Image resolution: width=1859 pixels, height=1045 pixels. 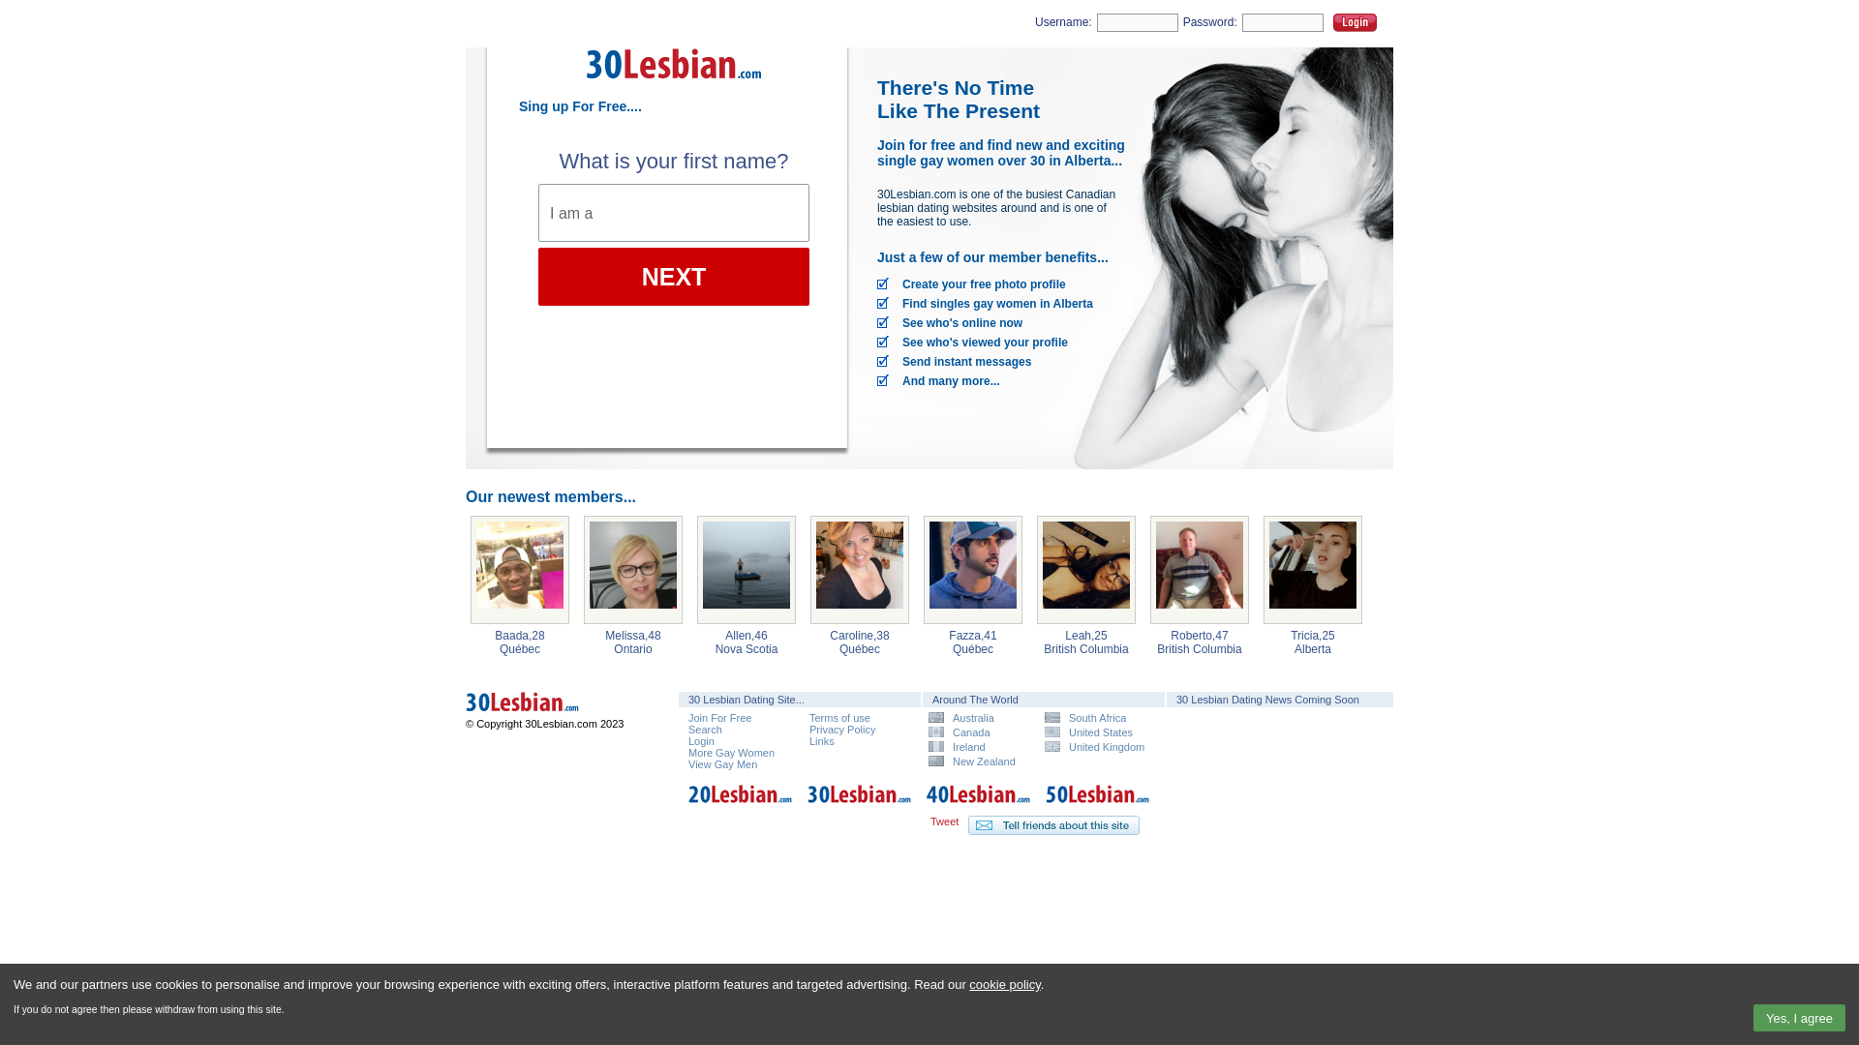 I want to click on 'Allen, 46 from Glace Bay, Nova Scotia', so click(x=697, y=569).